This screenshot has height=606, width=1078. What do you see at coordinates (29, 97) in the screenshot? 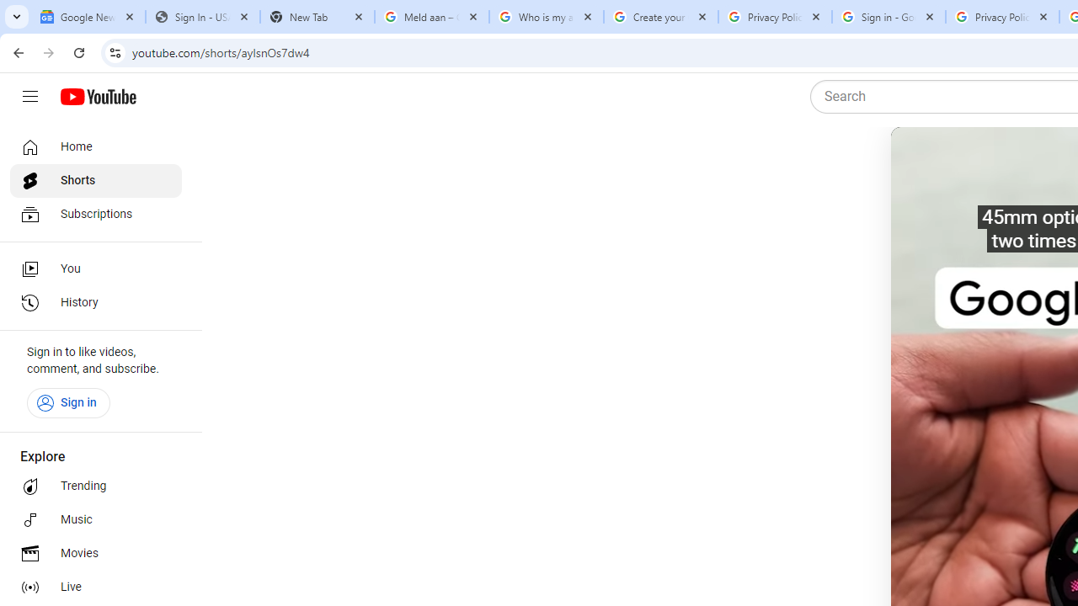
I see `'Guide'` at bounding box center [29, 97].